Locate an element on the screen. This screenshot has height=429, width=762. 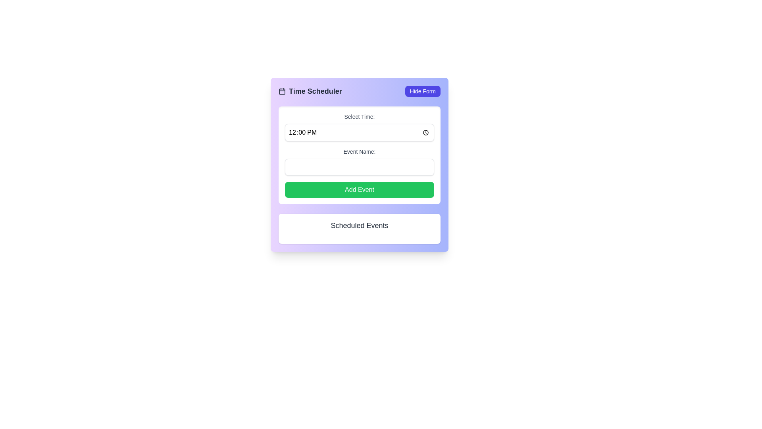
the static text label that instructs users on what to enter in the event name input field, located above the text input and below the 'Select Time:' label is located at coordinates (359, 151).